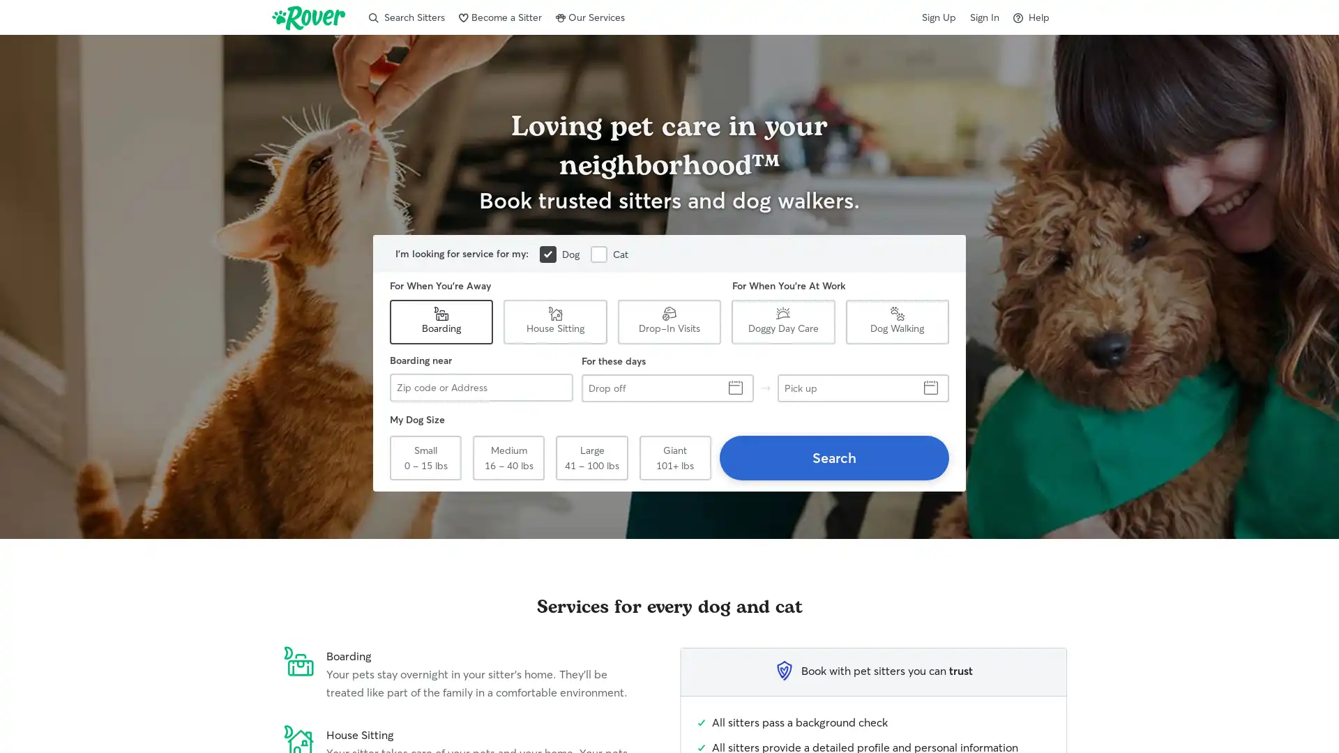 The image size is (1339, 753). What do you see at coordinates (833, 457) in the screenshot?
I see `Search` at bounding box center [833, 457].